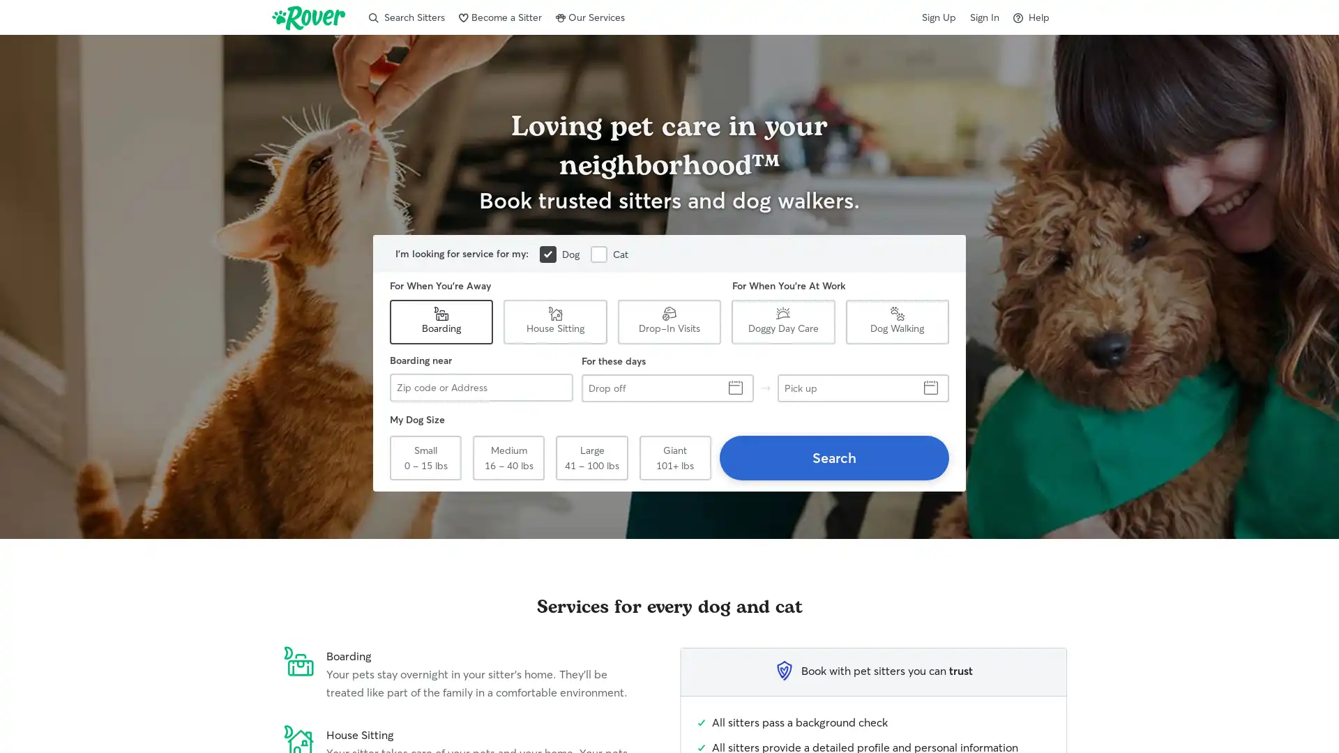 The image size is (1339, 753). What do you see at coordinates (833, 457) in the screenshot?
I see `Search` at bounding box center [833, 457].